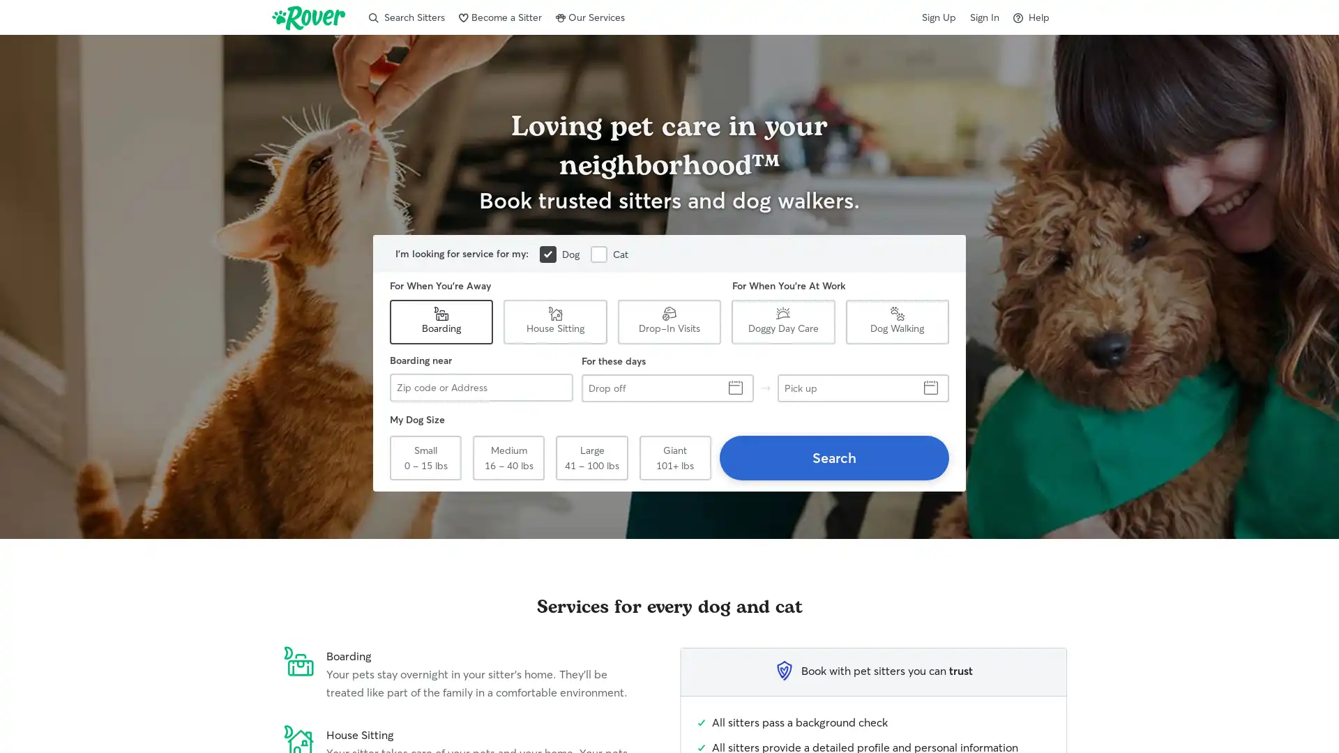 The image size is (1339, 753). What do you see at coordinates (833, 457) in the screenshot?
I see `Search` at bounding box center [833, 457].